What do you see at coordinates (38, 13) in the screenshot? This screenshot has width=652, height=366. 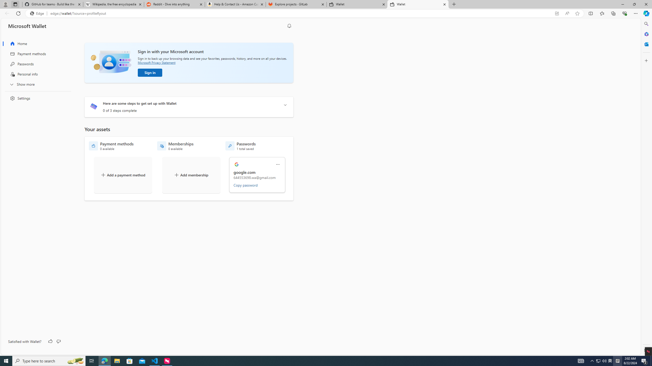 I see `'Edge'` at bounding box center [38, 13].